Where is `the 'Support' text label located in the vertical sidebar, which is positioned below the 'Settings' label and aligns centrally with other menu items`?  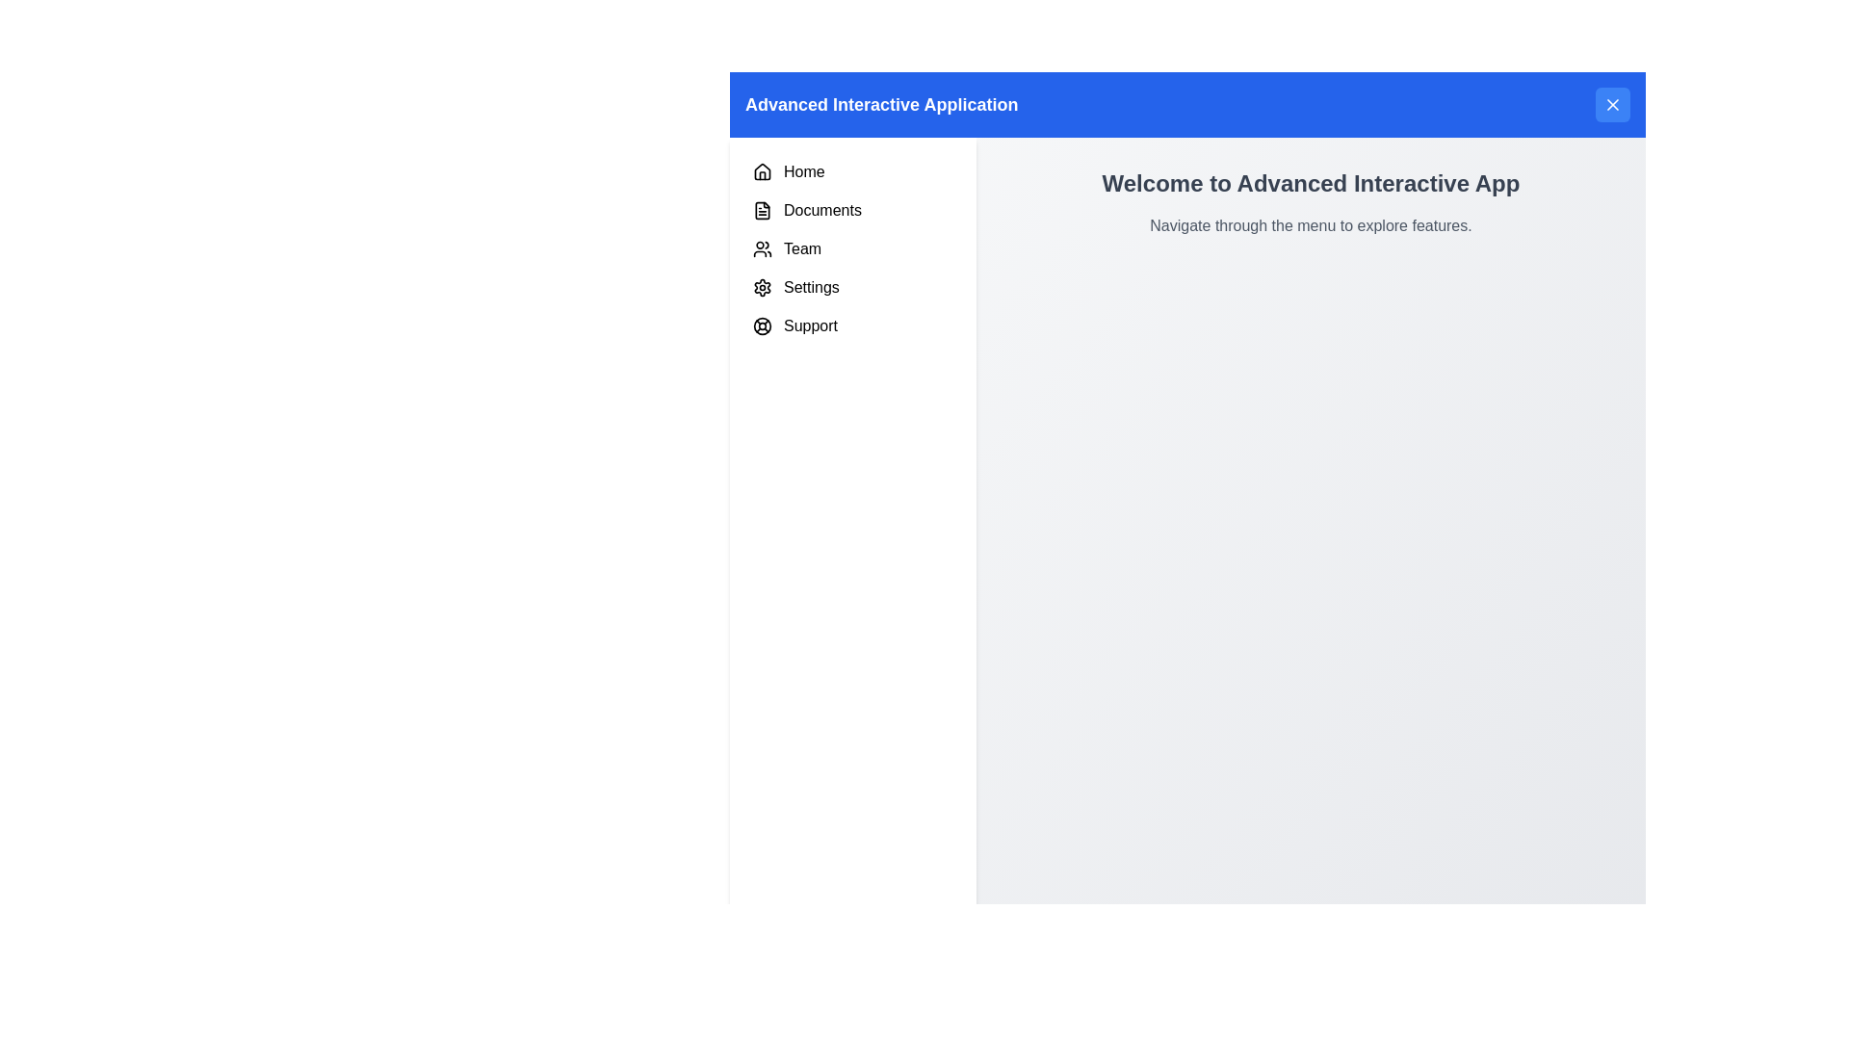 the 'Support' text label located in the vertical sidebar, which is positioned below the 'Settings' label and aligns centrally with other menu items is located at coordinates (811, 325).